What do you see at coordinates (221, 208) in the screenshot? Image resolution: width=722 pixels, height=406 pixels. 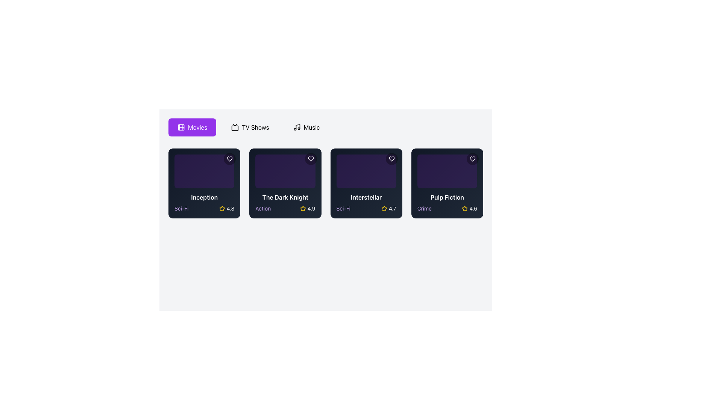 I see `yellow hollow star icon representing a rating, which is adjacent to the text '4.8'` at bounding box center [221, 208].